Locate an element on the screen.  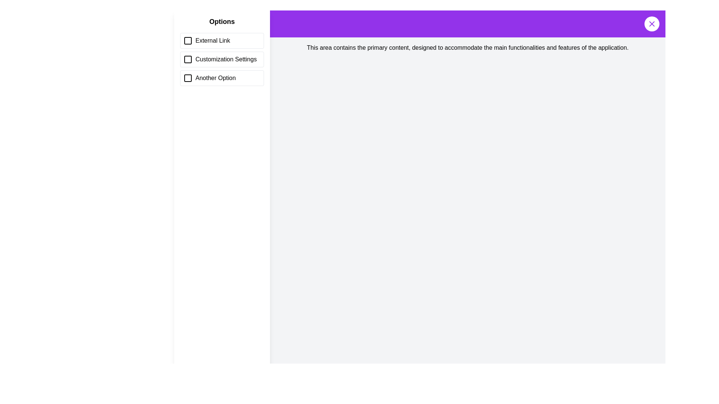
the square-shaped outline icon located next to the text 'External Link' in the left-side panel under 'Options' is located at coordinates (188, 40).